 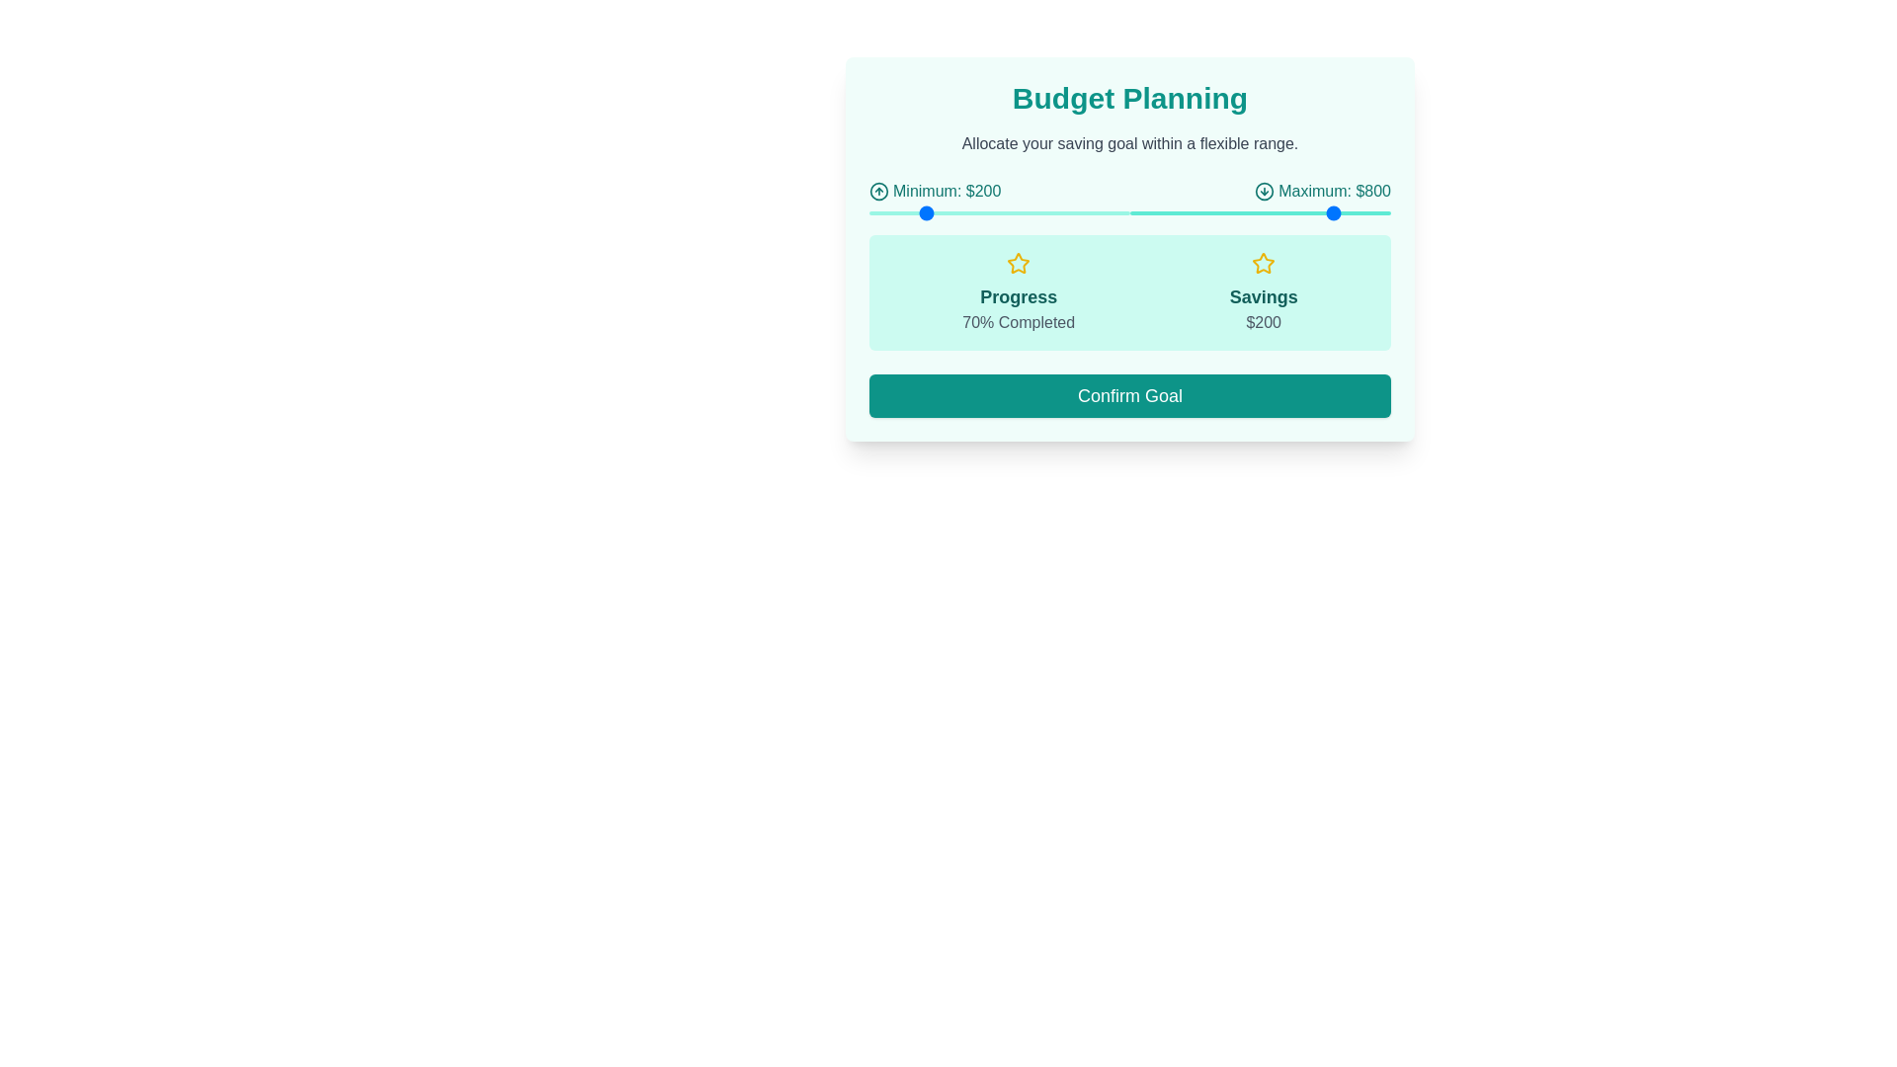 I want to click on the text label displaying '70% Completed' in a gray font, located centrally below the 'Progress' heading within the 'Budget Planning' card, so click(x=1019, y=321).